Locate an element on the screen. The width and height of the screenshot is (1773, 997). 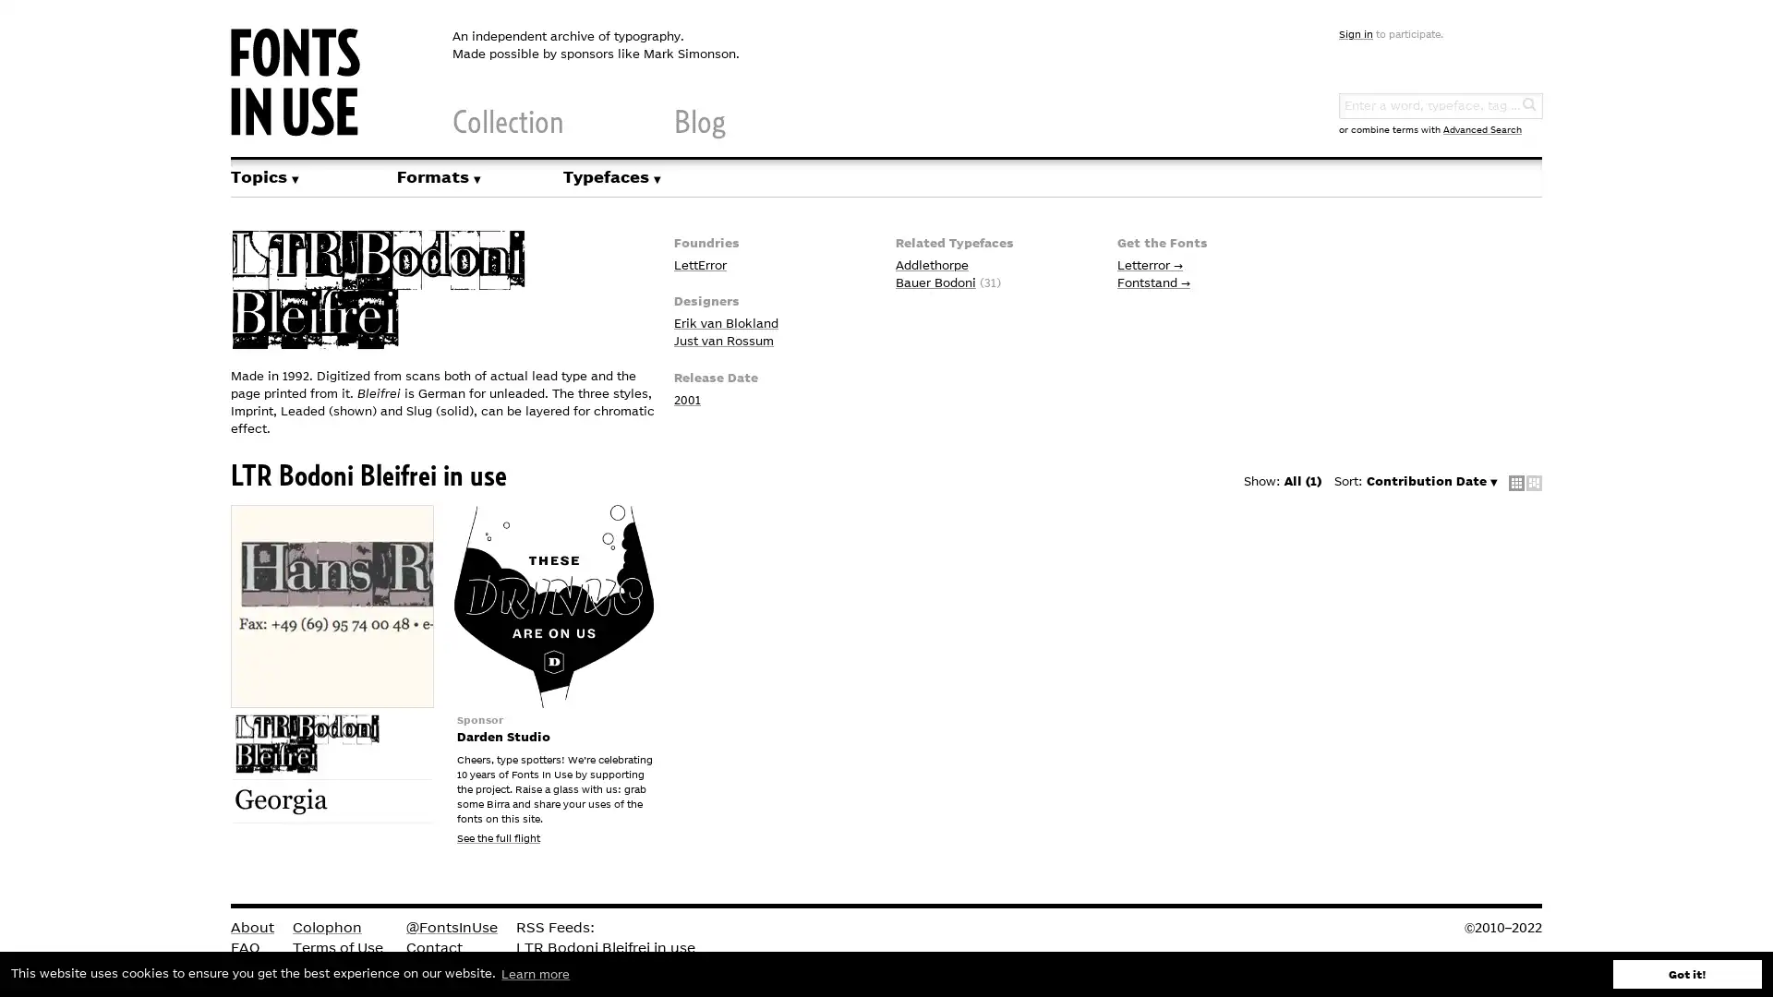
learn more about cookies is located at coordinates (535, 973).